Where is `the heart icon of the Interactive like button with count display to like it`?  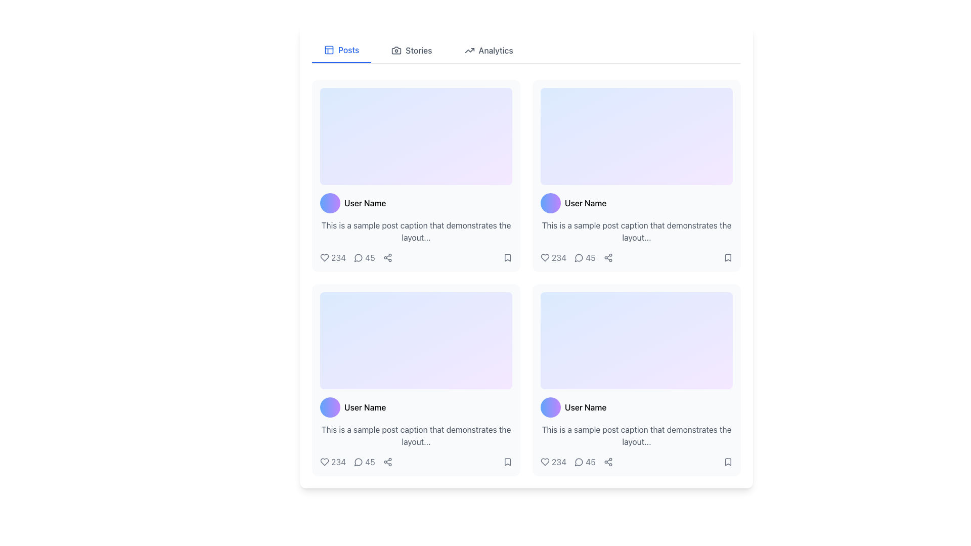
the heart icon of the Interactive like button with count display to like it is located at coordinates (333, 462).